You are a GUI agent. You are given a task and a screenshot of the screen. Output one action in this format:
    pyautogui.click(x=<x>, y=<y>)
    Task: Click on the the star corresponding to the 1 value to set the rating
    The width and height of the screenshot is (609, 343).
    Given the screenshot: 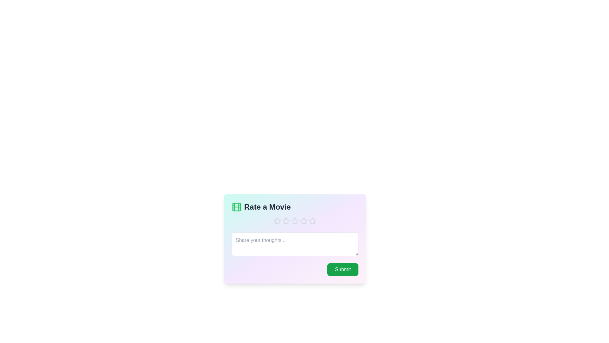 What is the action you would take?
    pyautogui.click(x=277, y=220)
    